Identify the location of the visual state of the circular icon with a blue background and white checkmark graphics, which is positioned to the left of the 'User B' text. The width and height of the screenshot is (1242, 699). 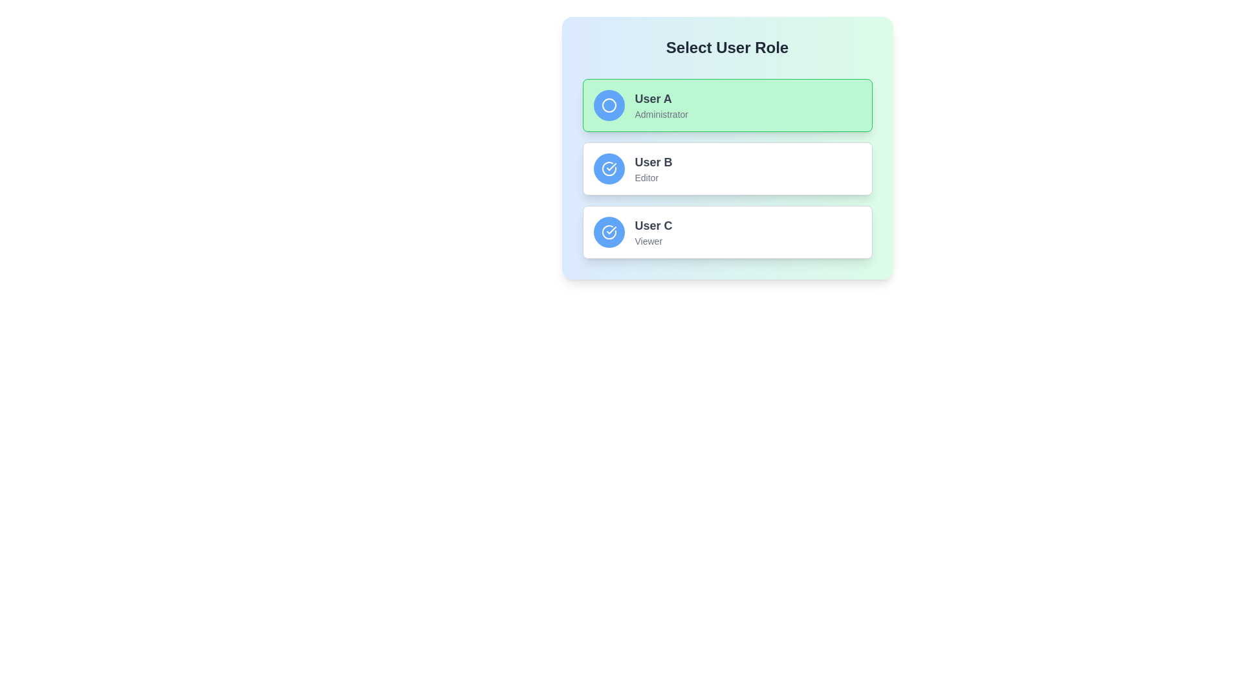
(608, 168).